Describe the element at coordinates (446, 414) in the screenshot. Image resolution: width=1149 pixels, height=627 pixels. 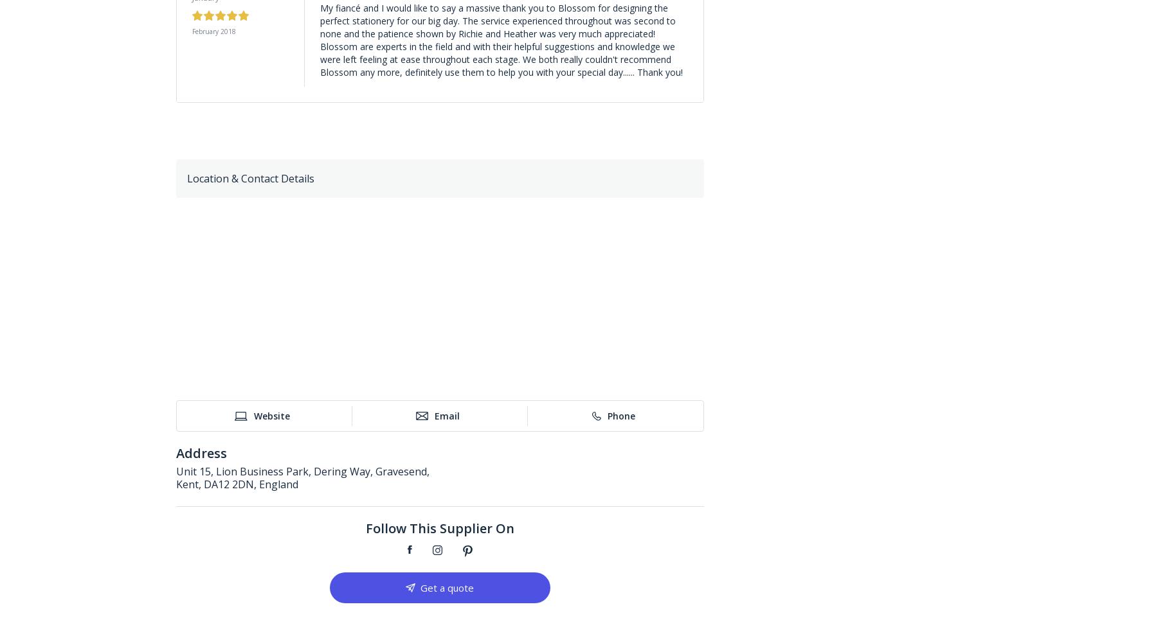
I see `'Email'` at that location.